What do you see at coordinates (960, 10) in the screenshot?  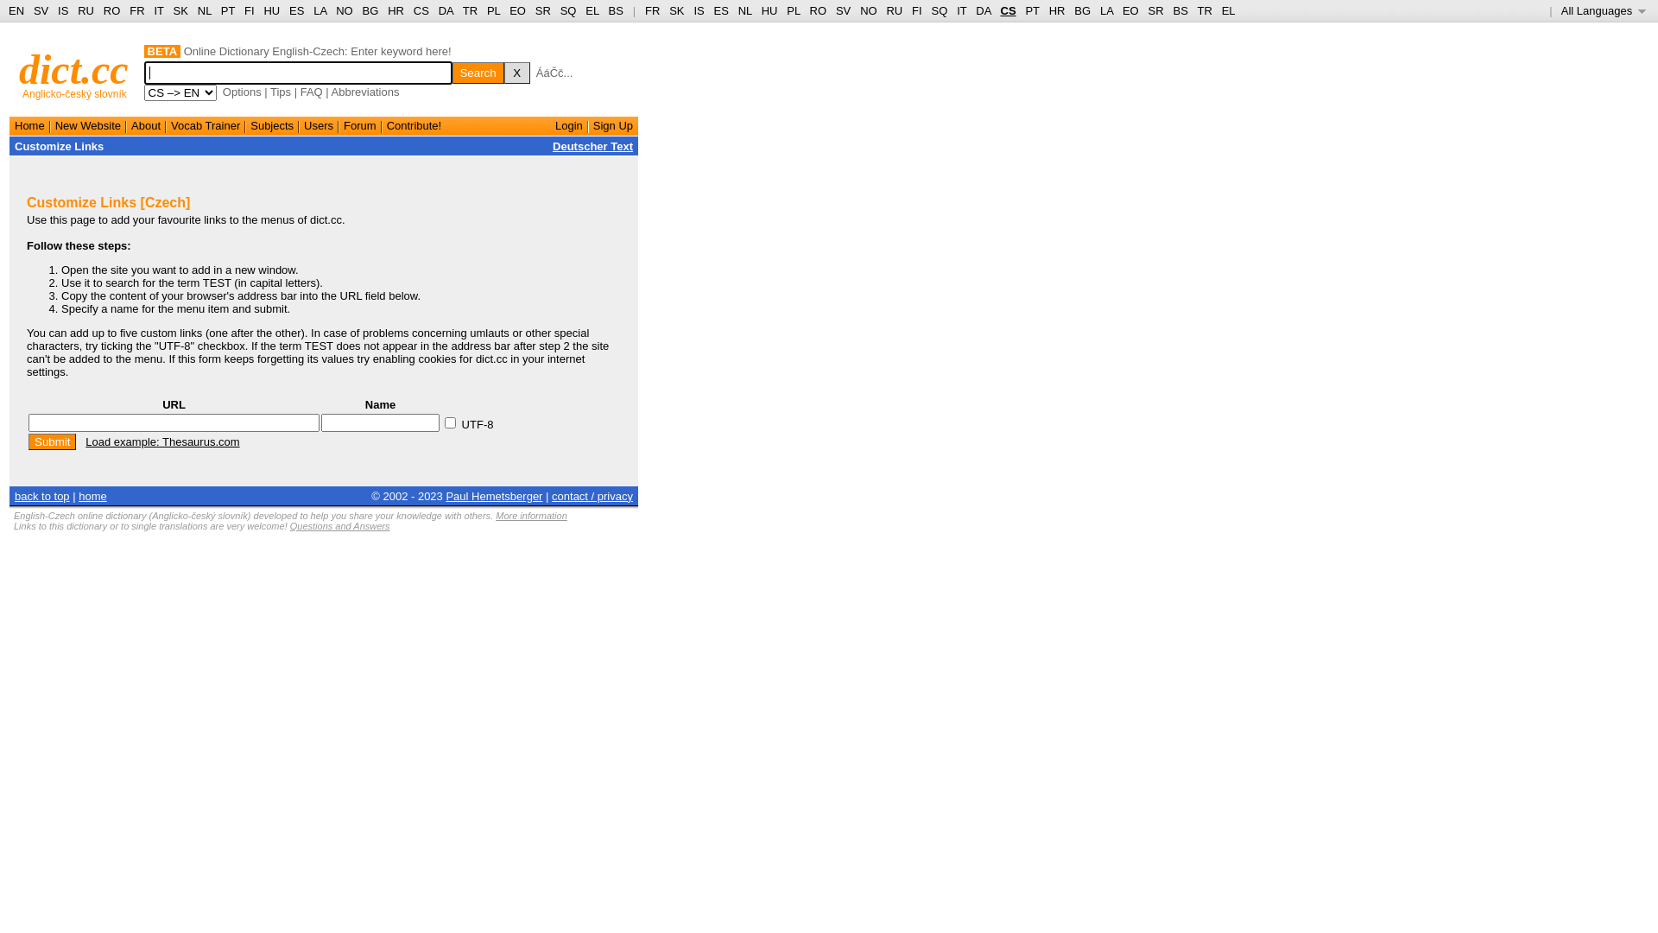 I see `'IT'` at bounding box center [960, 10].